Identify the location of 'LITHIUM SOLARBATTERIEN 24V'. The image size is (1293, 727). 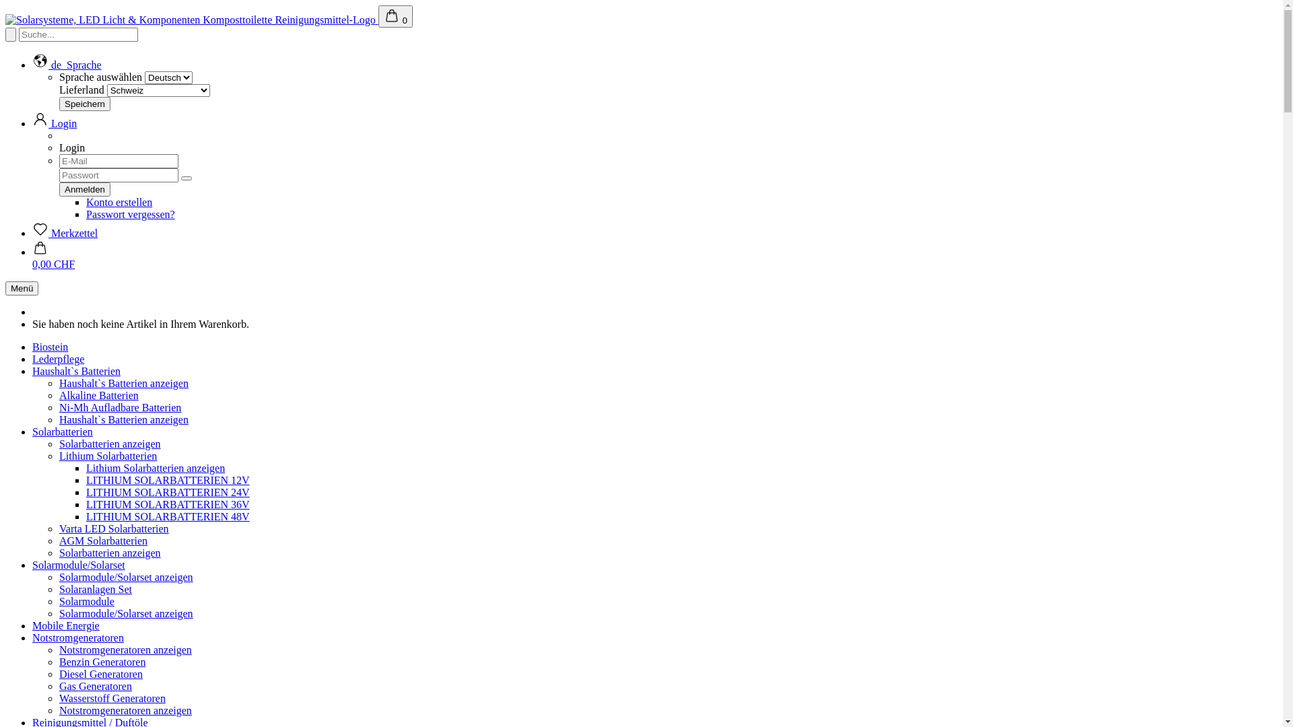
(167, 492).